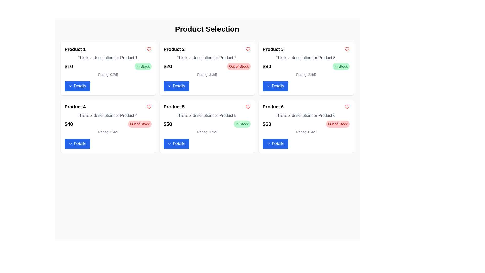  I want to click on the interactive button located at the bottom section of the card for 'Product 4' to trigger the hover effect, so click(77, 144).